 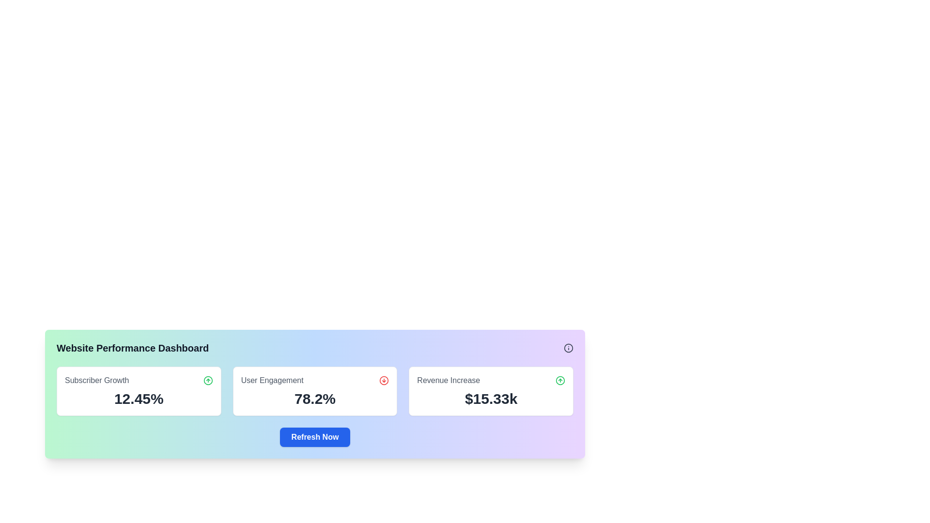 What do you see at coordinates (207, 380) in the screenshot?
I see `the circular icon with a green upward arrow located in the right section of the 'Subscriber Growth' box` at bounding box center [207, 380].